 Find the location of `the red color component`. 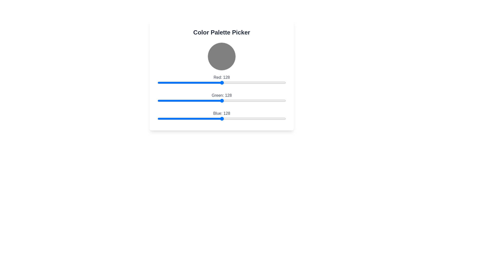

the red color component is located at coordinates (174, 82).